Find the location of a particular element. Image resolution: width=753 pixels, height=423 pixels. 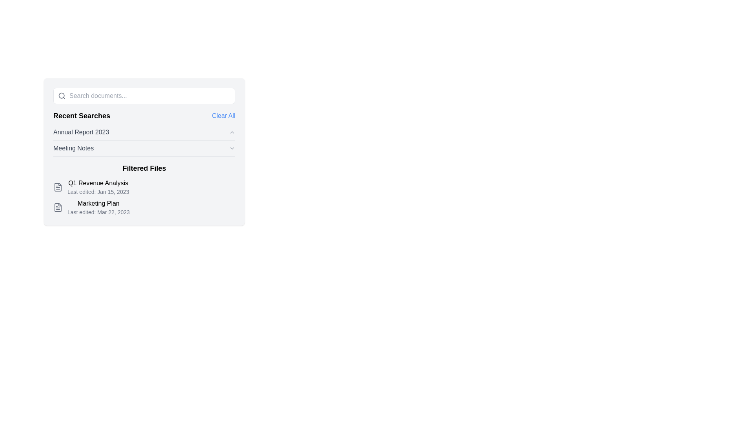

the 'Meeting Notes' label, which is a textual element styled in medium gray and aligned to the left, positioned between 'Annual Report 2023' above and an interactive button below is located at coordinates (73, 148).